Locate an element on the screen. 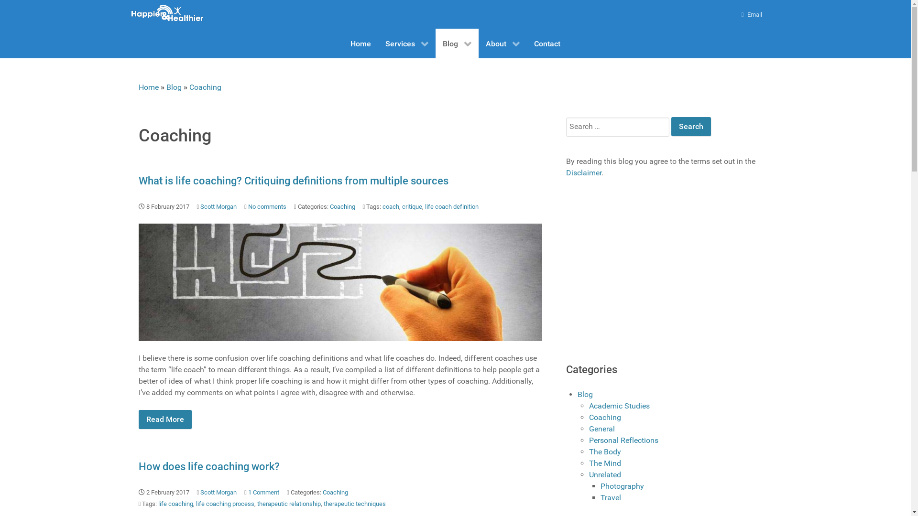 The image size is (918, 516). 'Search for:' is located at coordinates (617, 127).